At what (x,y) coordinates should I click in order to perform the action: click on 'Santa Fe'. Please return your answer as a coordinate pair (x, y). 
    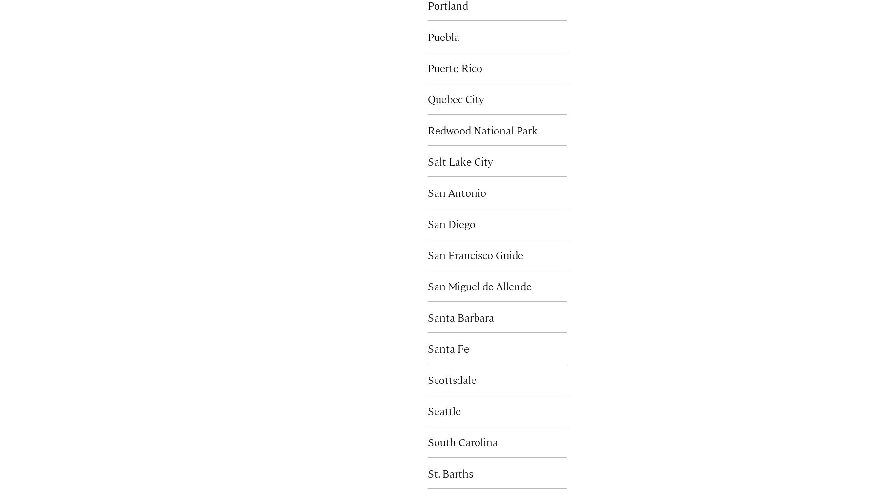
    Looking at the image, I should click on (448, 348).